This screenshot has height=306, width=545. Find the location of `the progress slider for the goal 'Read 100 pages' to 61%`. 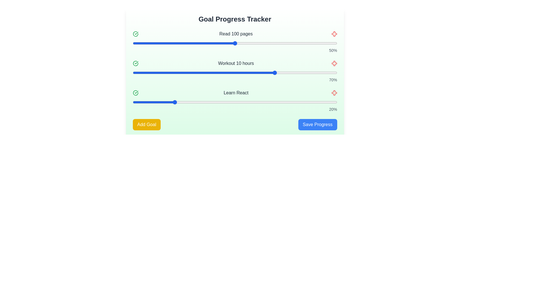

the progress slider for the goal 'Read 100 pages' to 61% is located at coordinates (257, 43).